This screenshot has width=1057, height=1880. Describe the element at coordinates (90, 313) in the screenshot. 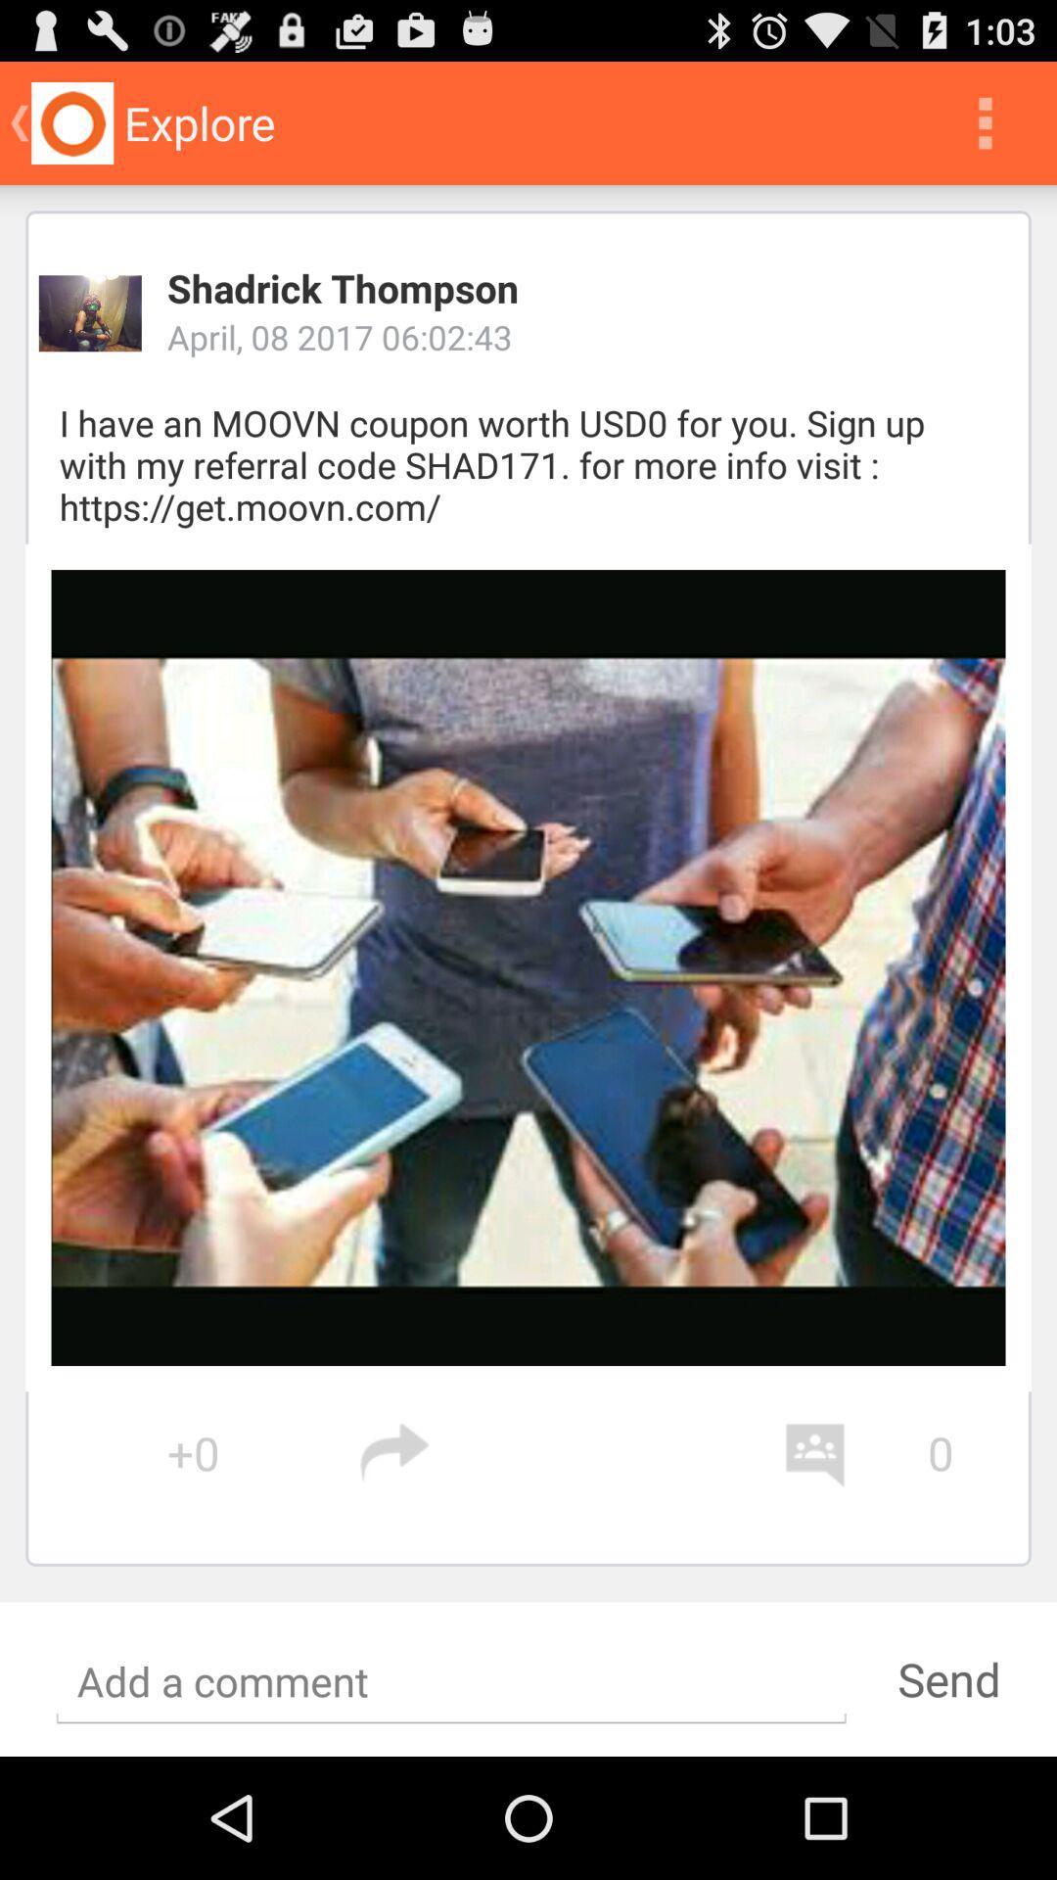

I see `item next to shadrick thompson item` at that location.